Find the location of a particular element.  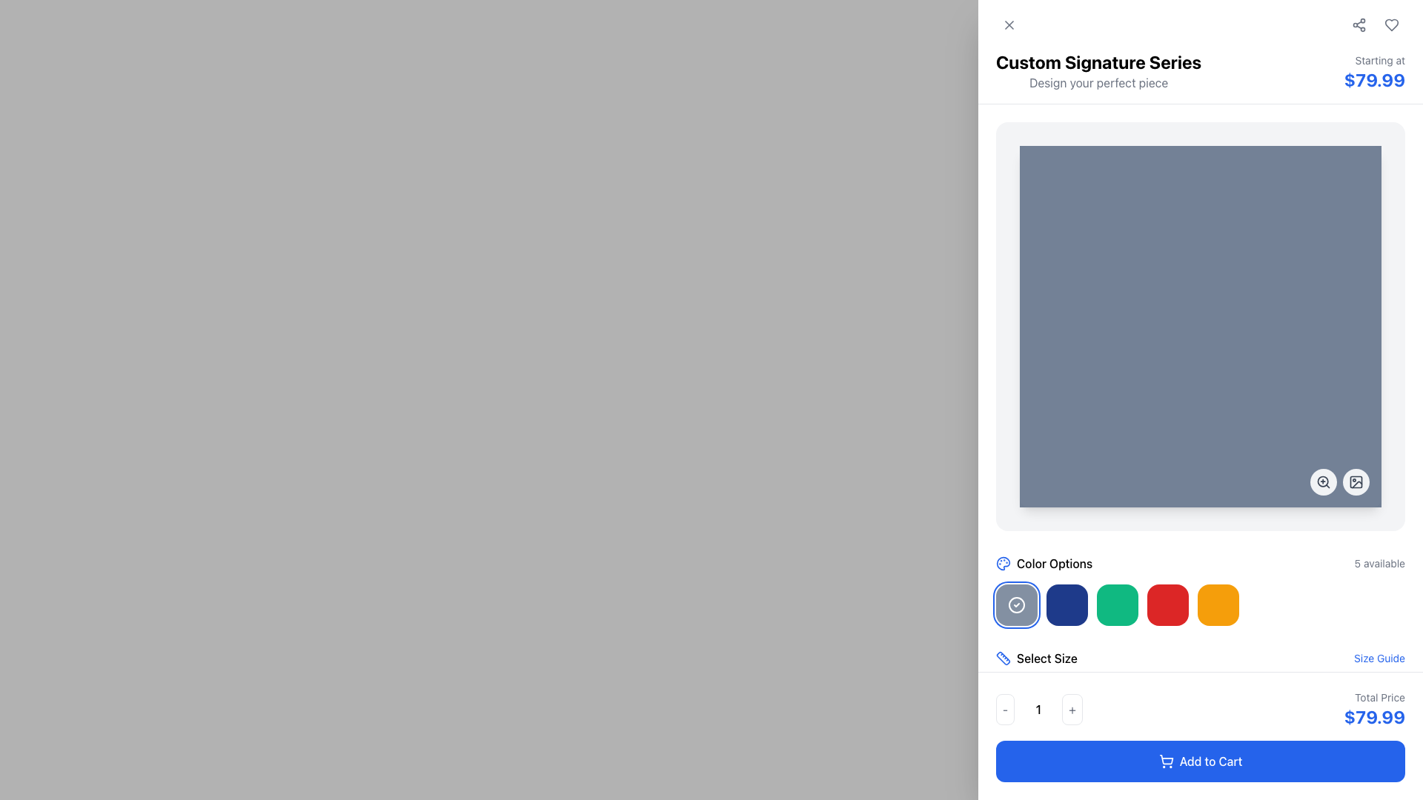

the label heading titled 'Material' which is located near the top of the material selection panel, above the list of material options is located at coordinates (1201, 747).